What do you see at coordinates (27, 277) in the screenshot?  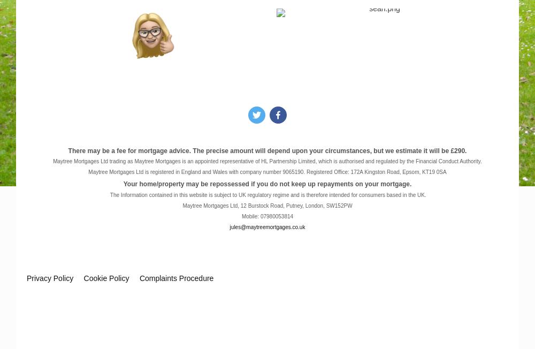 I see `'Privacy Policy'` at bounding box center [27, 277].